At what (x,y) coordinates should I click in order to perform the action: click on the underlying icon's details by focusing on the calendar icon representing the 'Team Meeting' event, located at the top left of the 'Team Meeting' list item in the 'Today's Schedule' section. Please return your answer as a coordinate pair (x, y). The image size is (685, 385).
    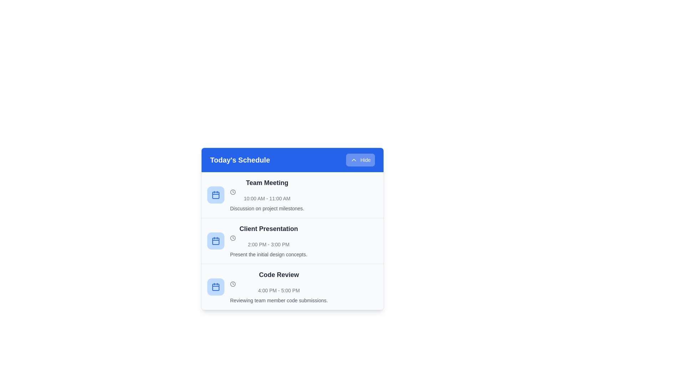
    Looking at the image, I should click on (215, 195).